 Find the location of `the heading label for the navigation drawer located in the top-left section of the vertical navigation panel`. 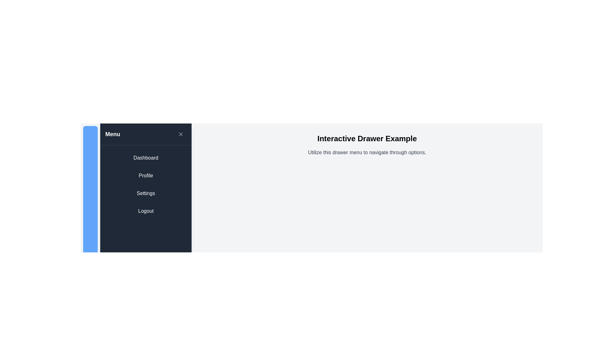

the heading label for the navigation drawer located in the top-left section of the vertical navigation panel is located at coordinates (113, 134).